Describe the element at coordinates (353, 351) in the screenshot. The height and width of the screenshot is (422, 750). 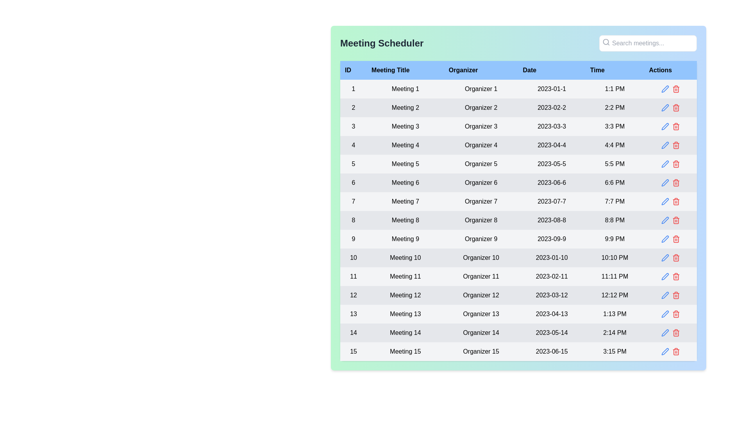
I see `the Text label displaying the ID number '15' located at the bottom-left corner of the table in the ID column of the 15th row` at that location.